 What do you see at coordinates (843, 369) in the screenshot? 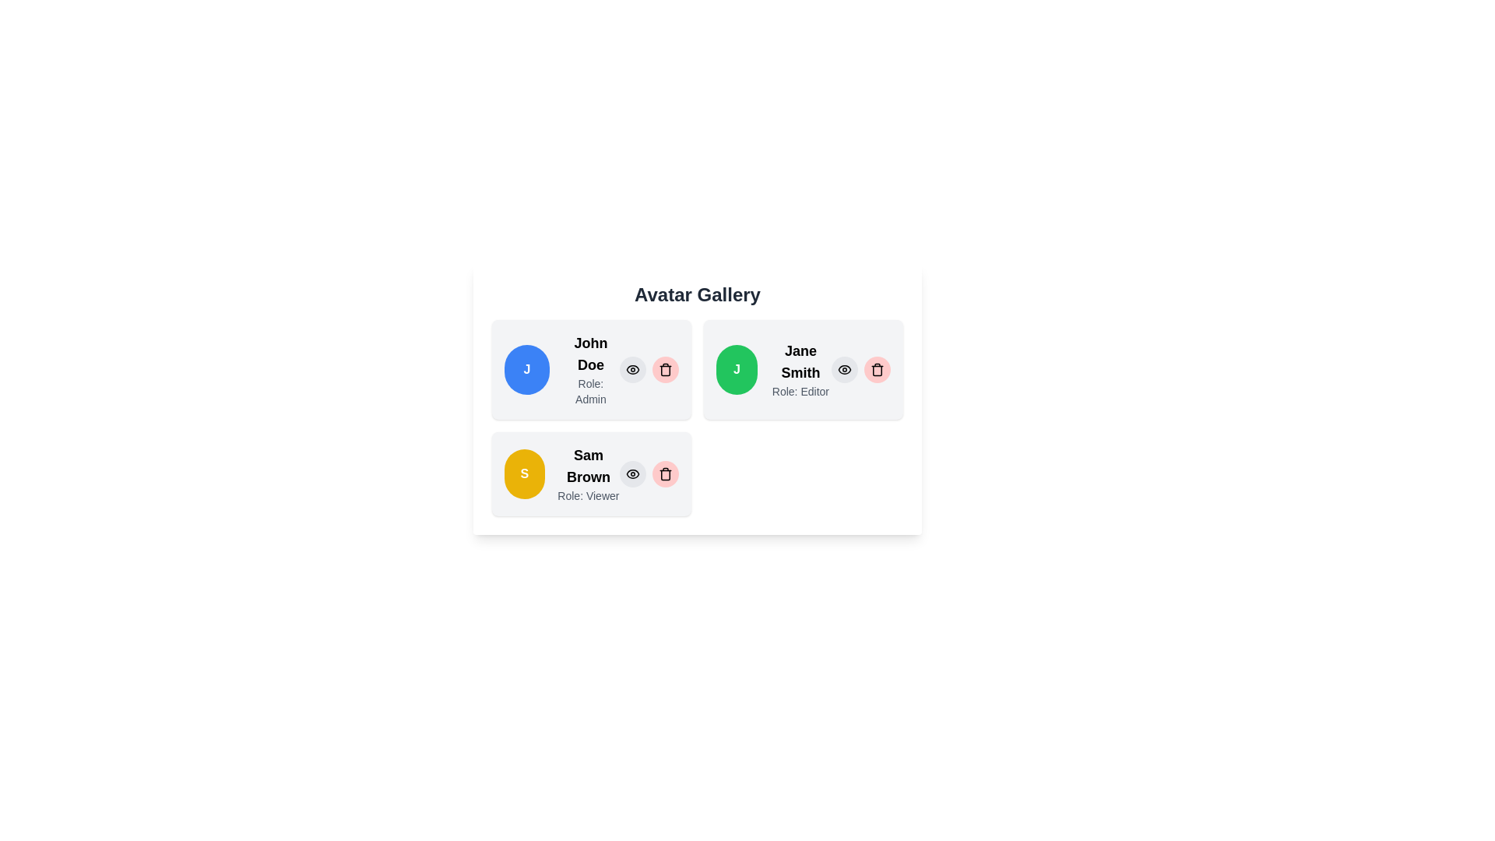
I see `the eye-shaped icon with an outline style on a circular gray background, located below 'John Doe' in the top-left card of the grid layout to possibly reveal a tooltip` at bounding box center [843, 369].